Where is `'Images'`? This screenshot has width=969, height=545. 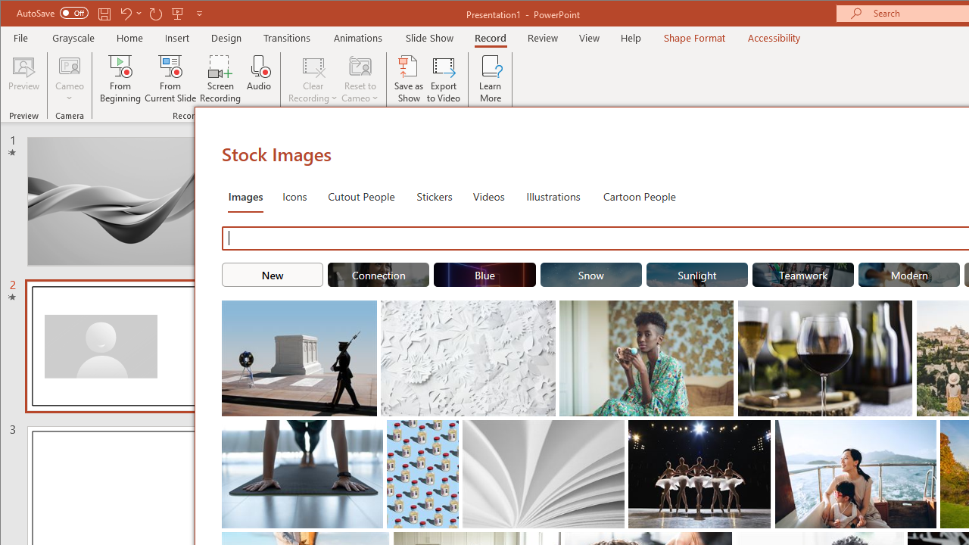
'Images' is located at coordinates (245, 195).